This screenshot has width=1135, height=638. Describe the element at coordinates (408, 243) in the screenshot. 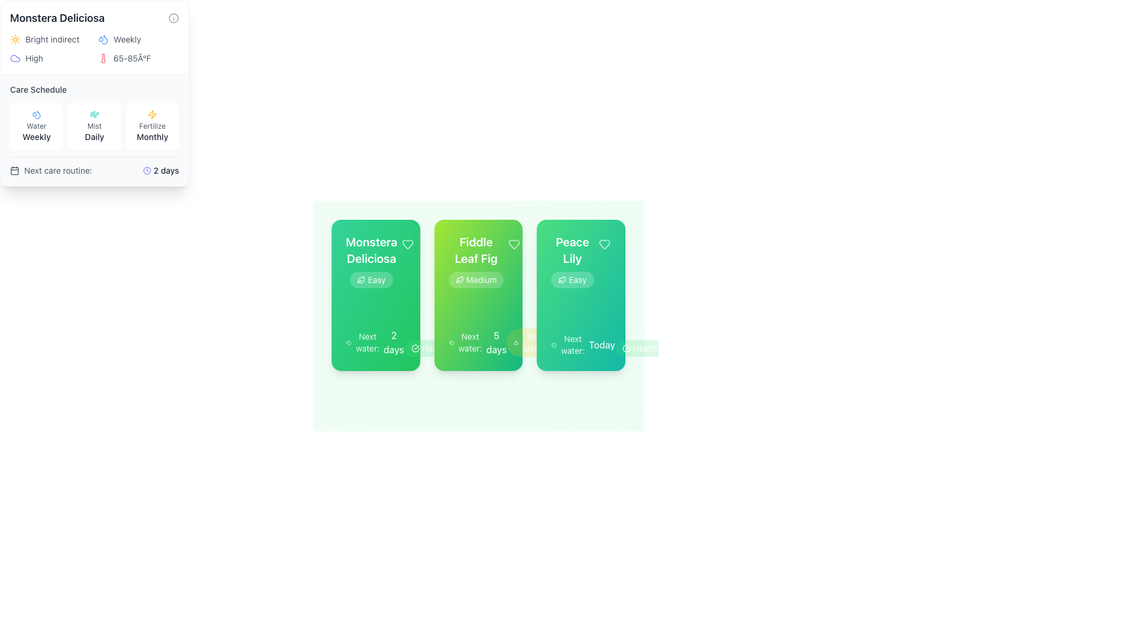

I see `the favorite or like button located at the top-right corner of the 'Monstera Deliciosa' card` at that location.